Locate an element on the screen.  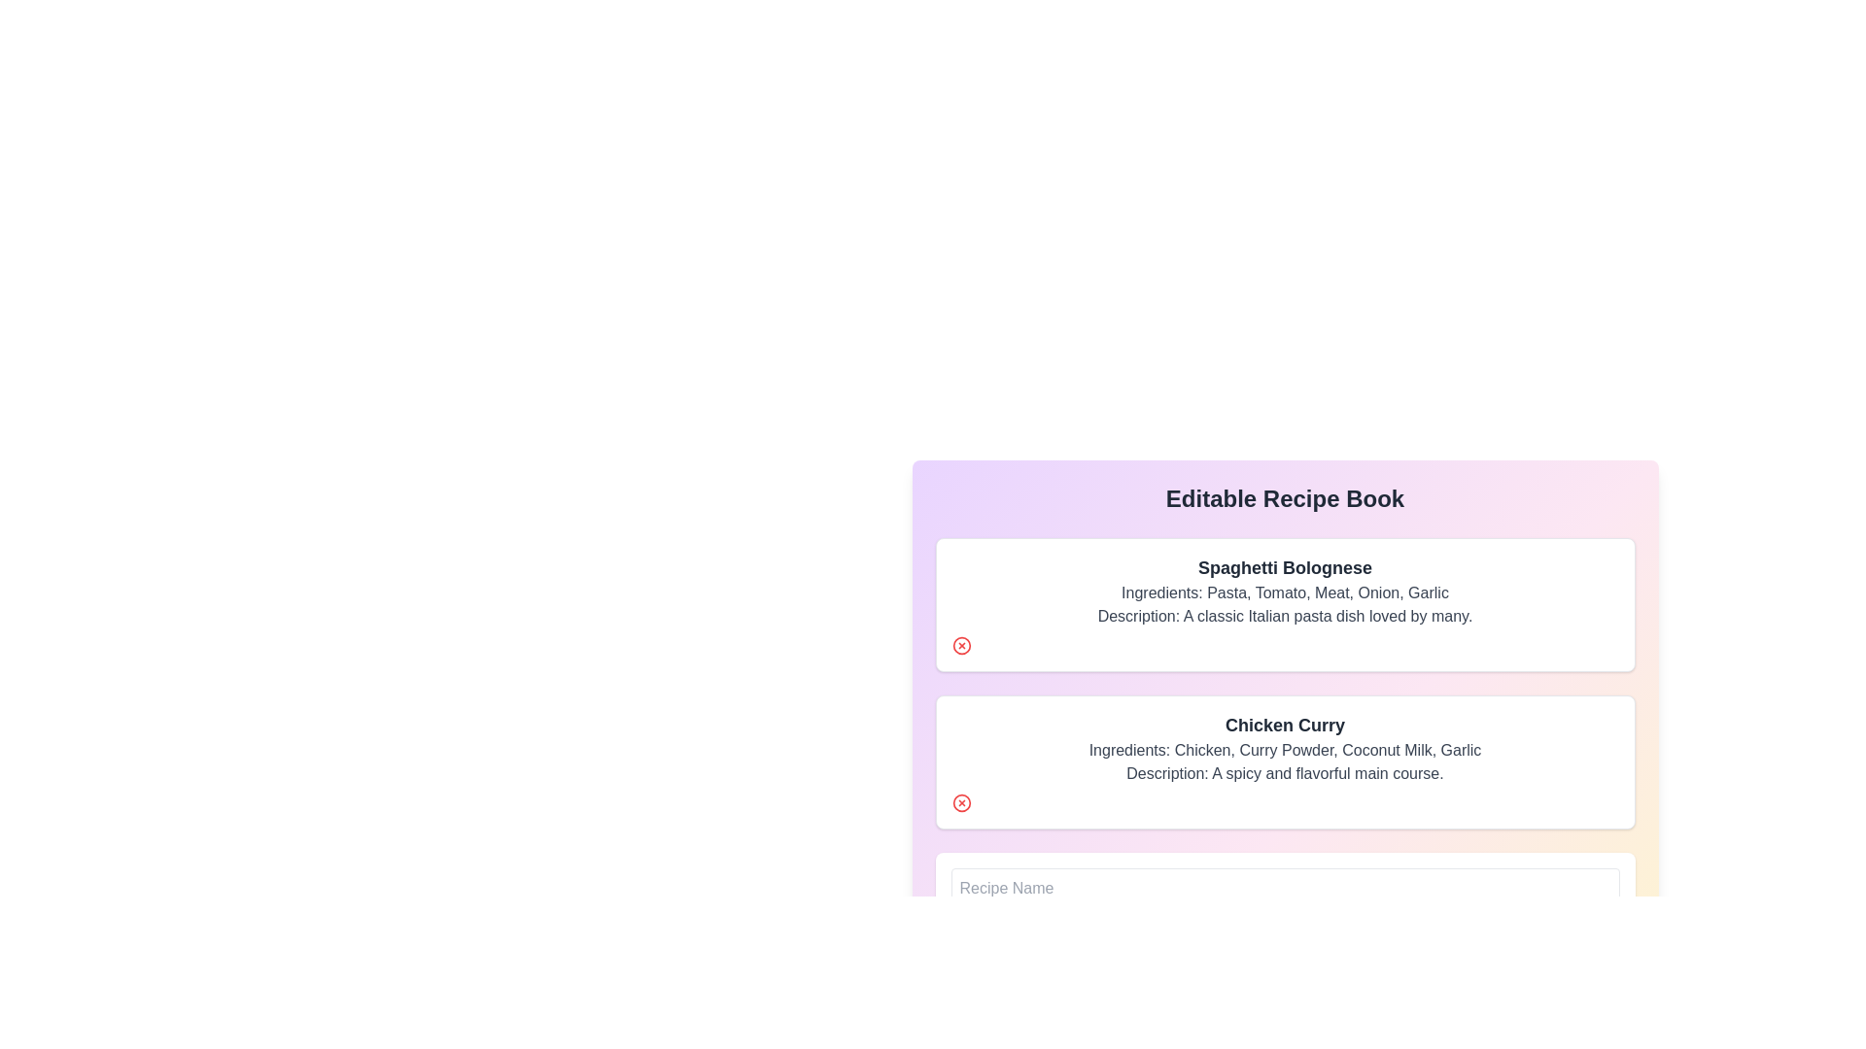
the deletion button located to the left of the 'Chicken Curry' recipe text block is located at coordinates (961, 802).